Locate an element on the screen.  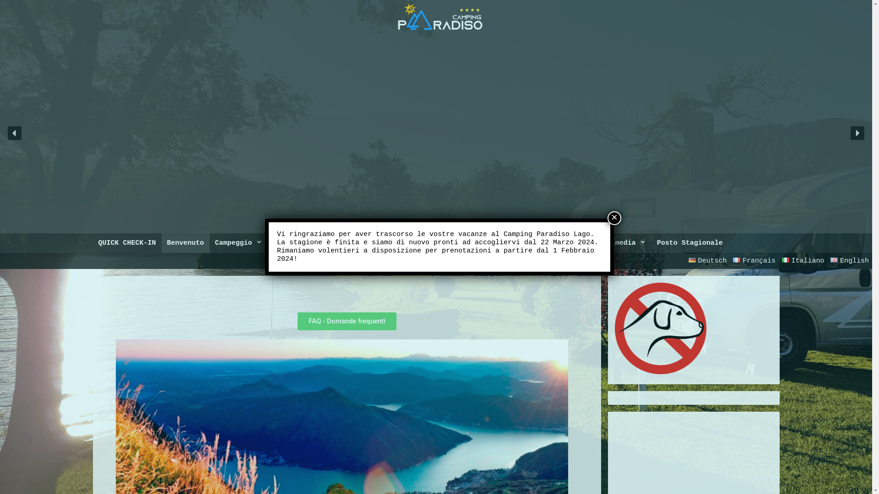
'FAQ - Domande frequenti' is located at coordinates (297, 321).